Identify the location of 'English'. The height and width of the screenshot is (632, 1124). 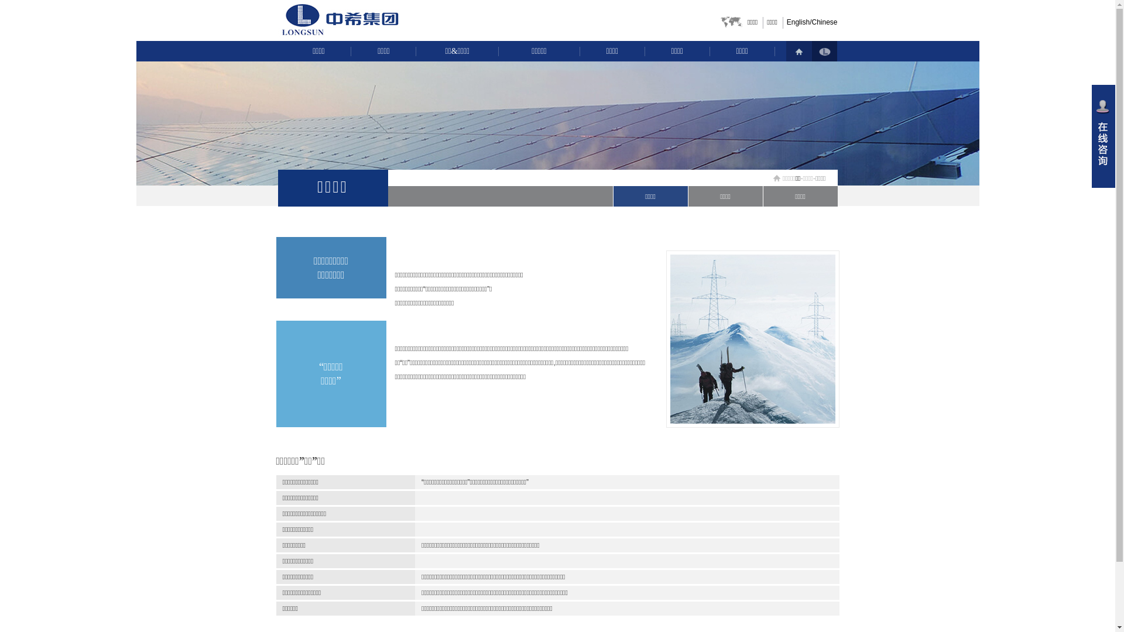
(797, 22).